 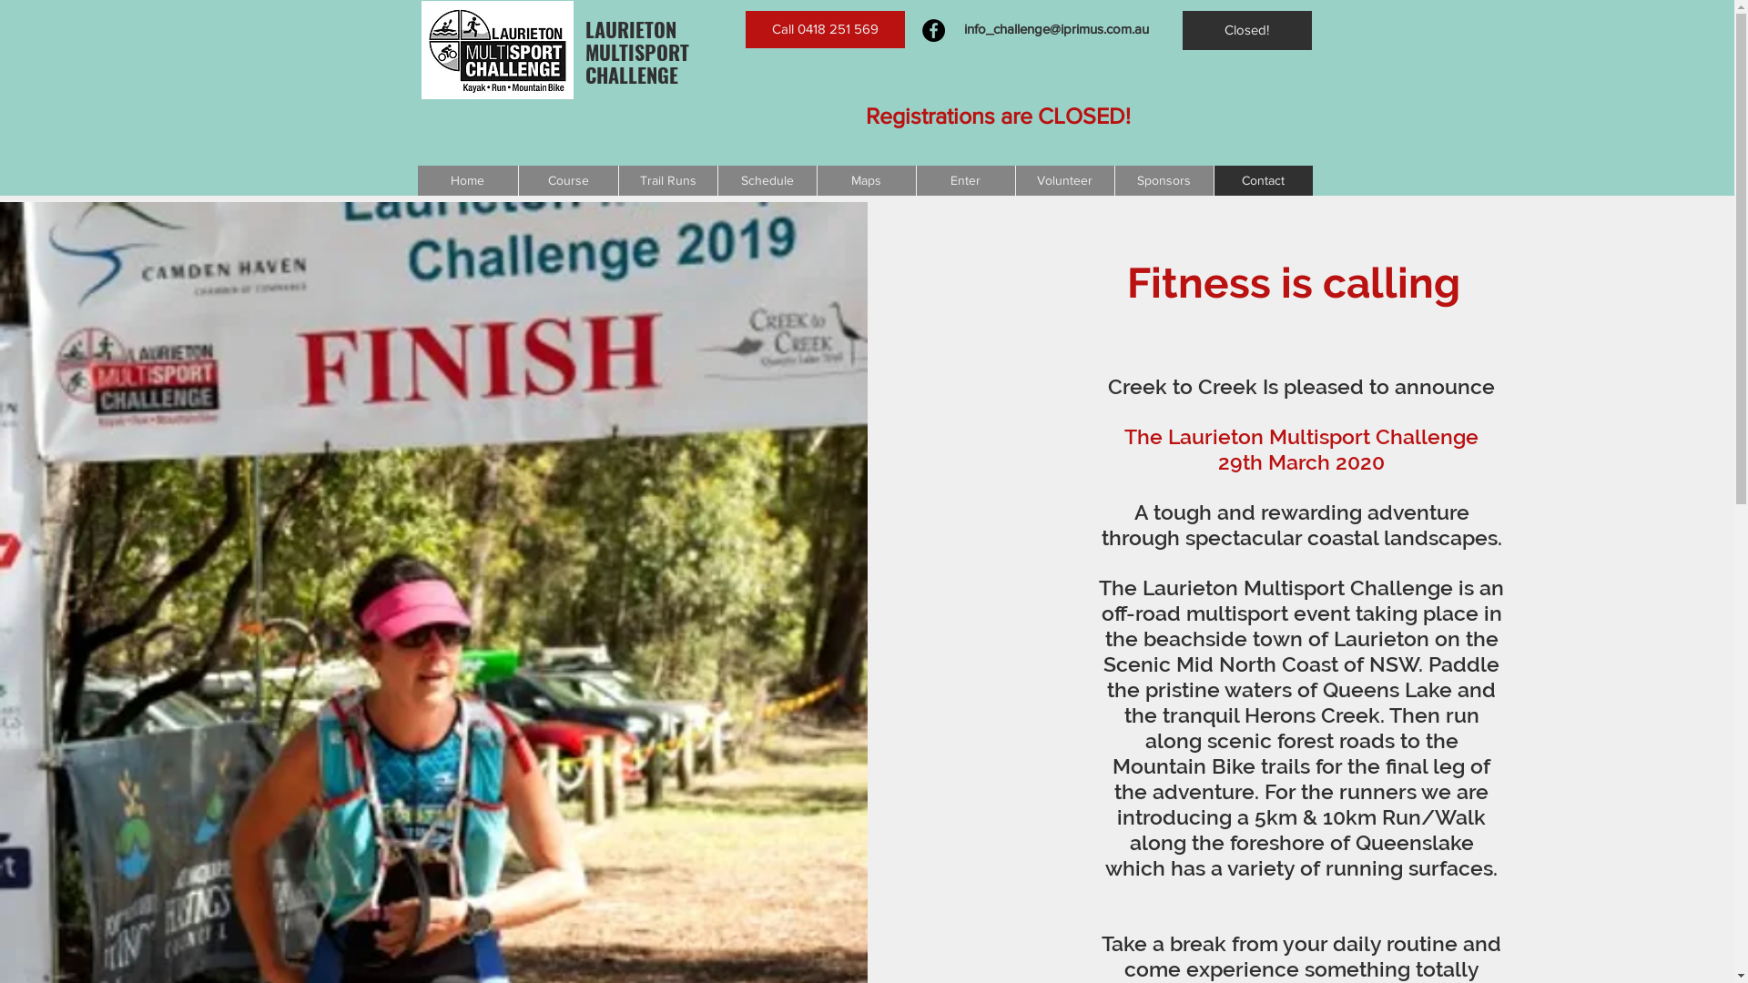 I want to click on 'Closed!', so click(x=1181, y=30).